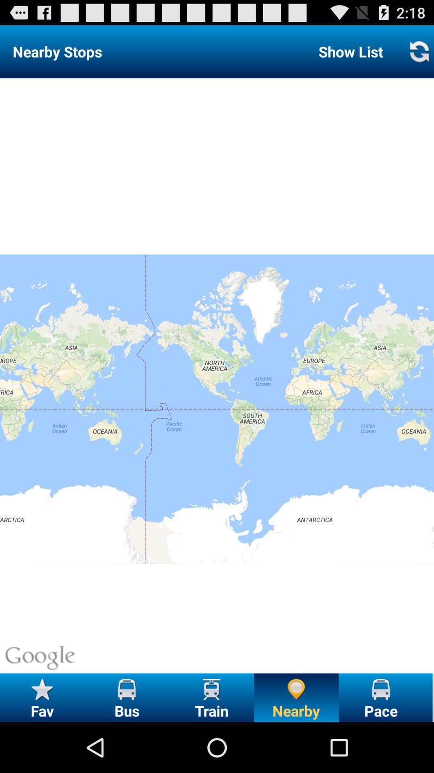 Image resolution: width=434 pixels, height=773 pixels. Describe the element at coordinates (217, 375) in the screenshot. I see `the item at the center` at that location.